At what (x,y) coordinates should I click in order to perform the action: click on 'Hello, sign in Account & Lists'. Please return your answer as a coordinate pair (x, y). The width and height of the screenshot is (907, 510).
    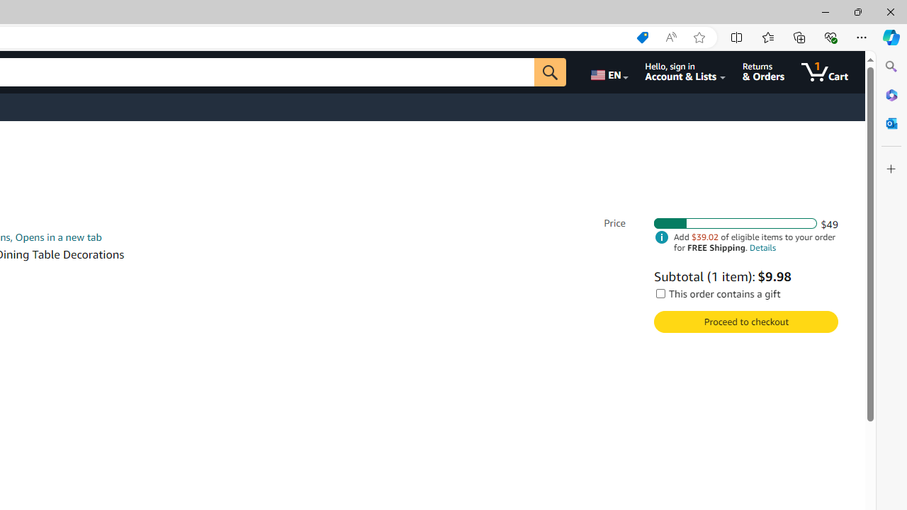
    Looking at the image, I should click on (685, 72).